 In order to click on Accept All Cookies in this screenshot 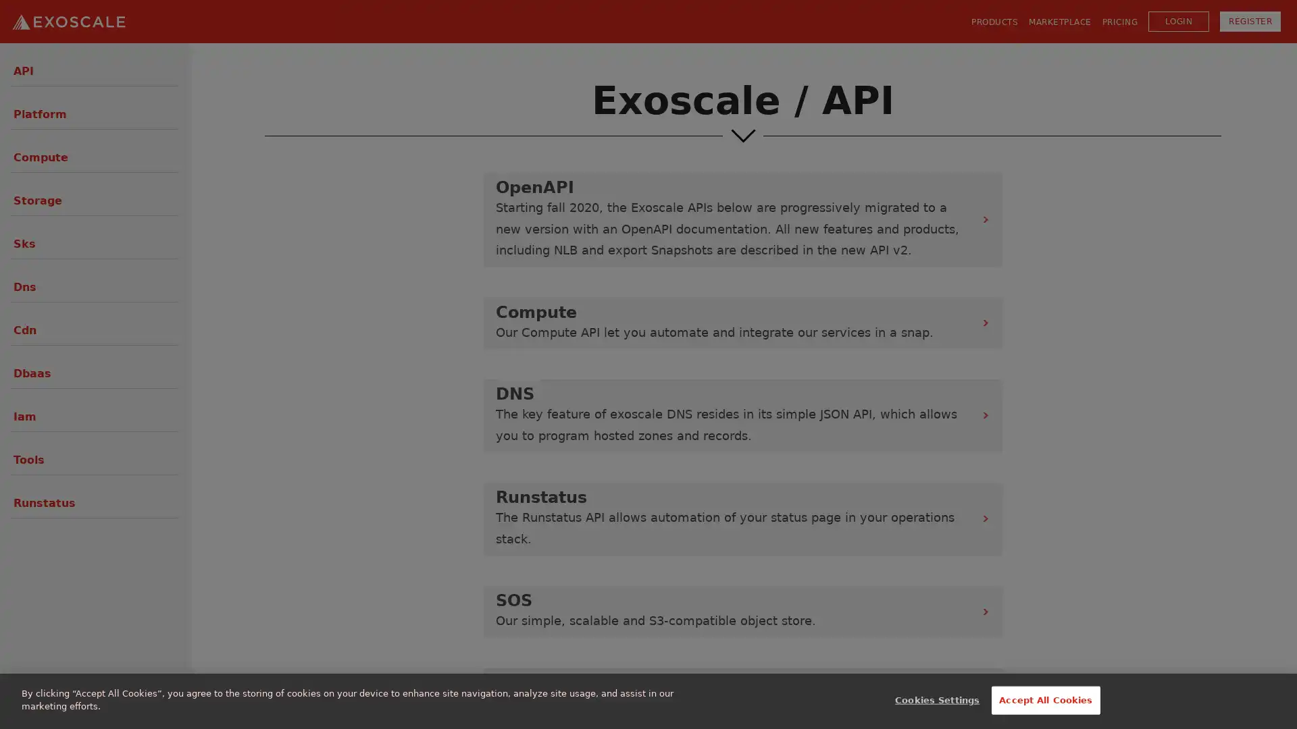, I will do `click(1044, 699)`.